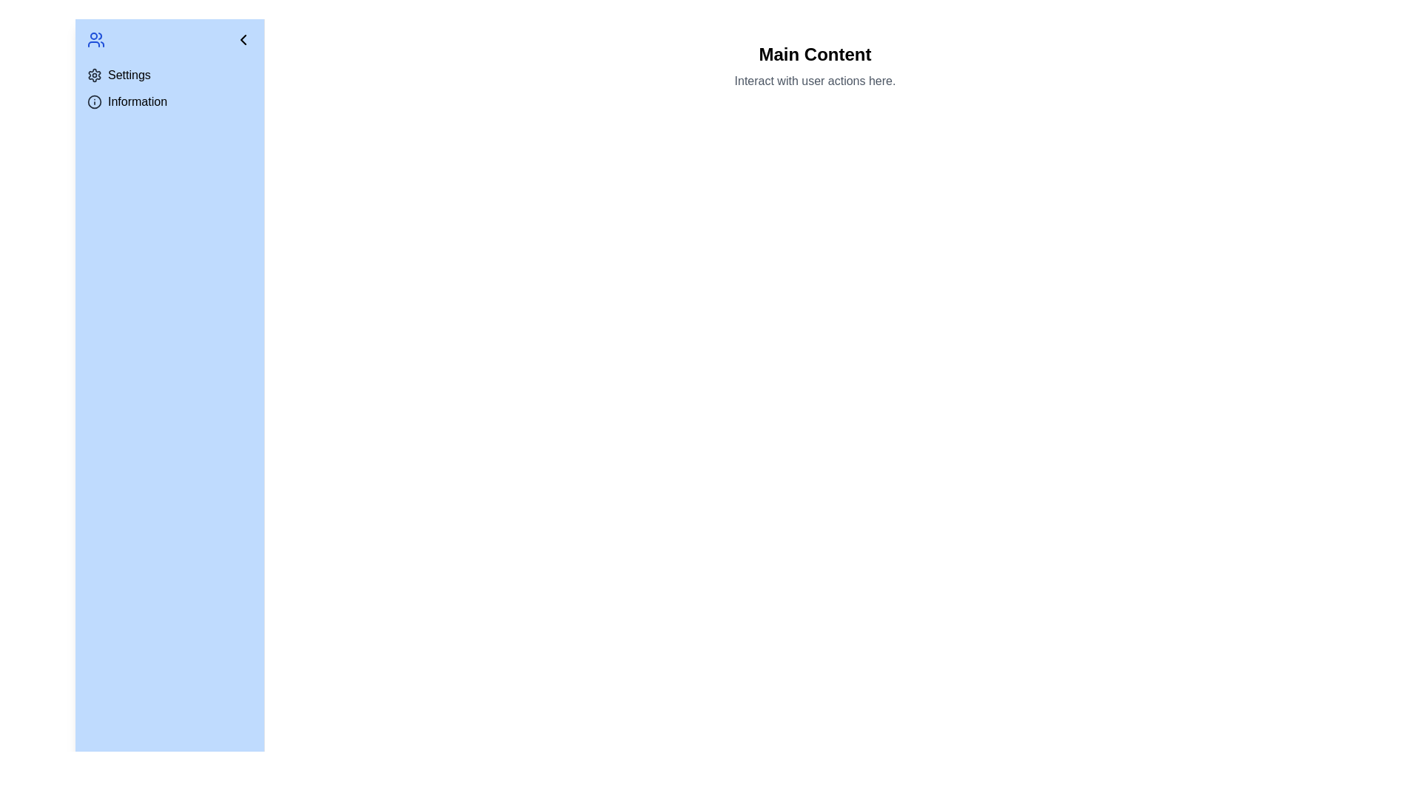  Describe the element at coordinates (94, 101) in the screenshot. I see `the informational icon located in the left sidebar next to the 'Information' text label` at that location.